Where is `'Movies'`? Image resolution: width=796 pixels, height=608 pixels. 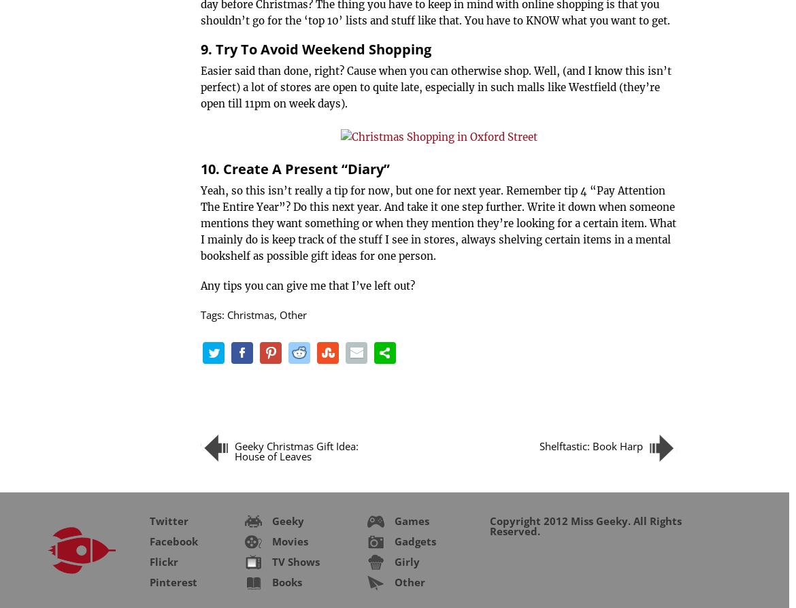 'Movies' is located at coordinates (290, 541).